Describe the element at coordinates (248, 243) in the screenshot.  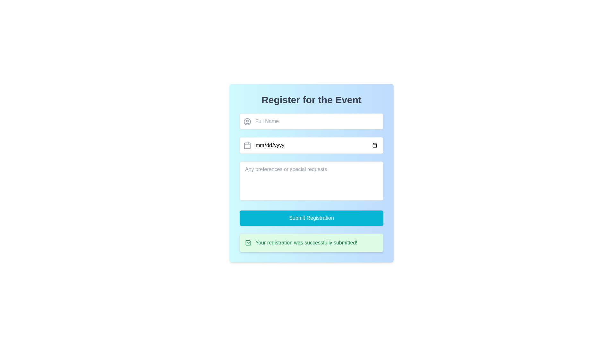
I see `the small green-outlined square icon with a checkmark located in the success message component on the left side of the notification bar` at that location.